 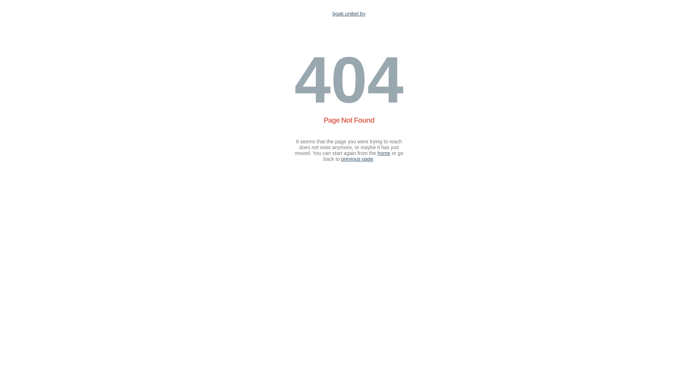 What do you see at coordinates (384, 152) in the screenshot?
I see `'home'` at bounding box center [384, 152].